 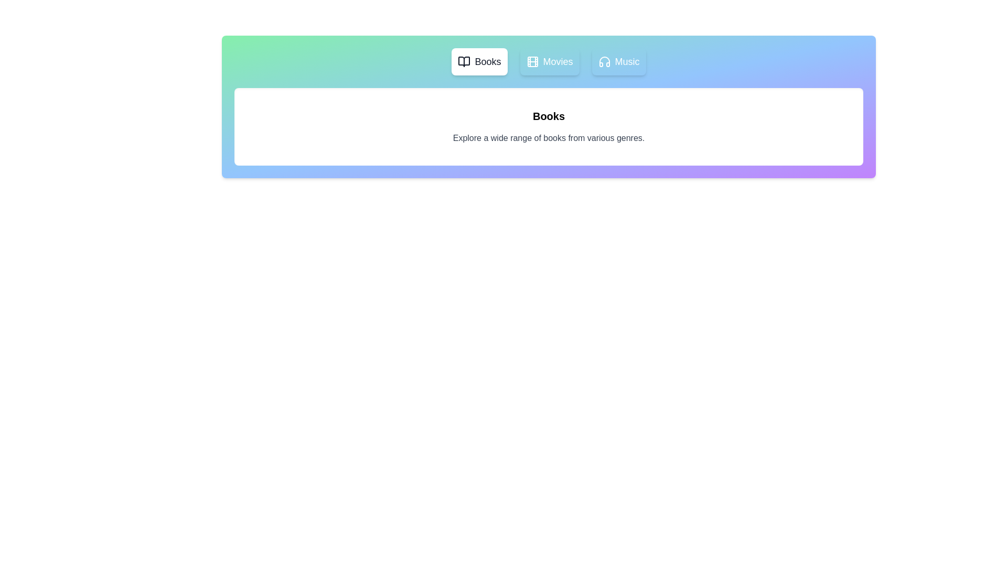 What do you see at coordinates (478, 62) in the screenshot?
I see `the Books tab to view its content` at bounding box center [478, 62].